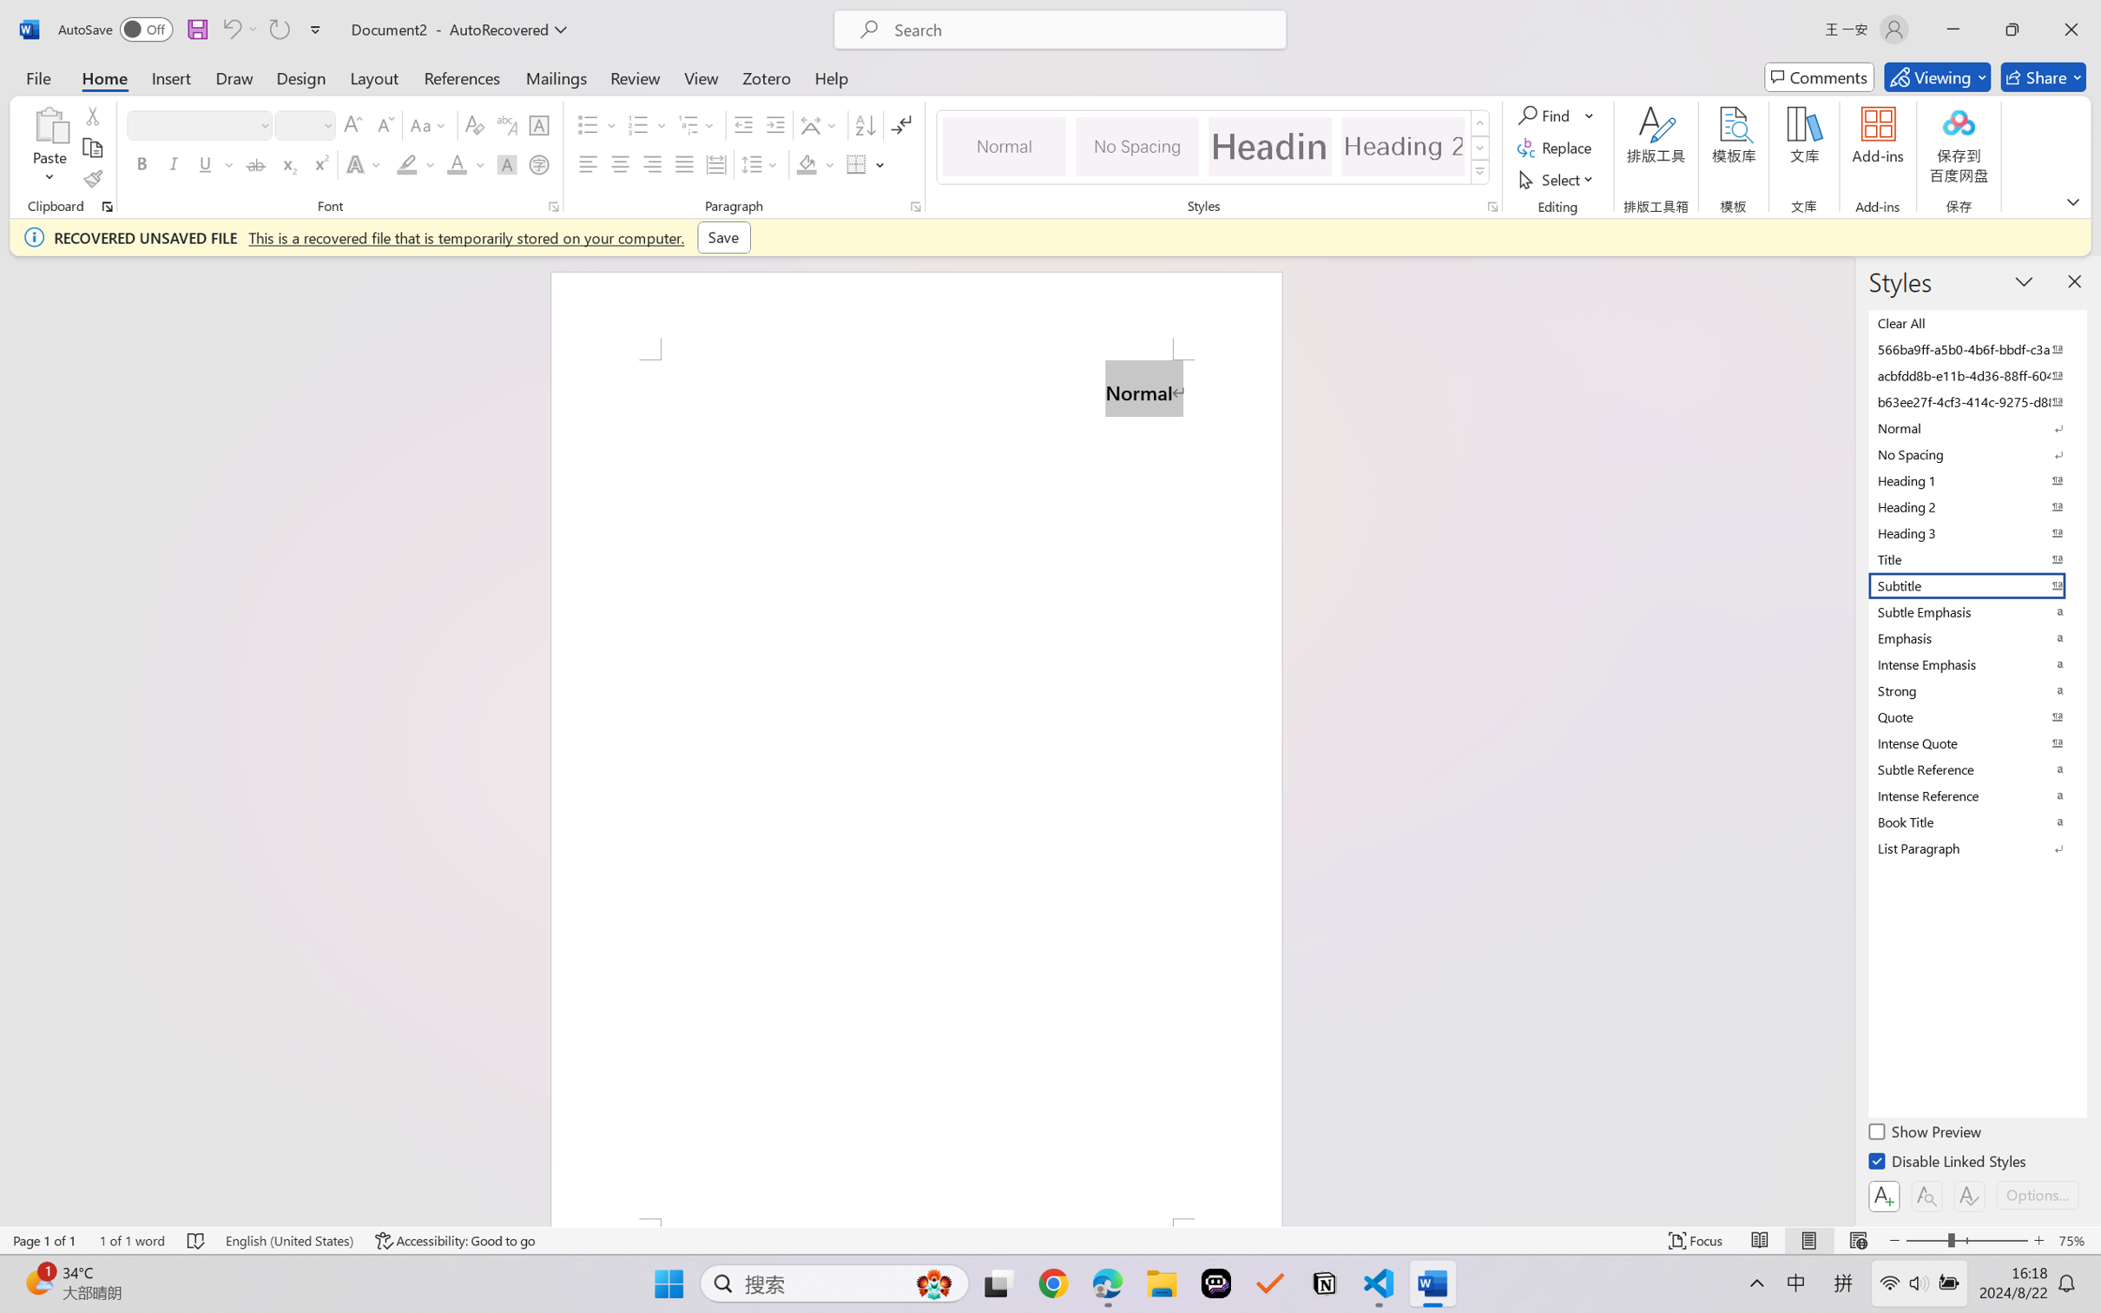  I want to click on 'Subtle Reference', so click(1975, 769).